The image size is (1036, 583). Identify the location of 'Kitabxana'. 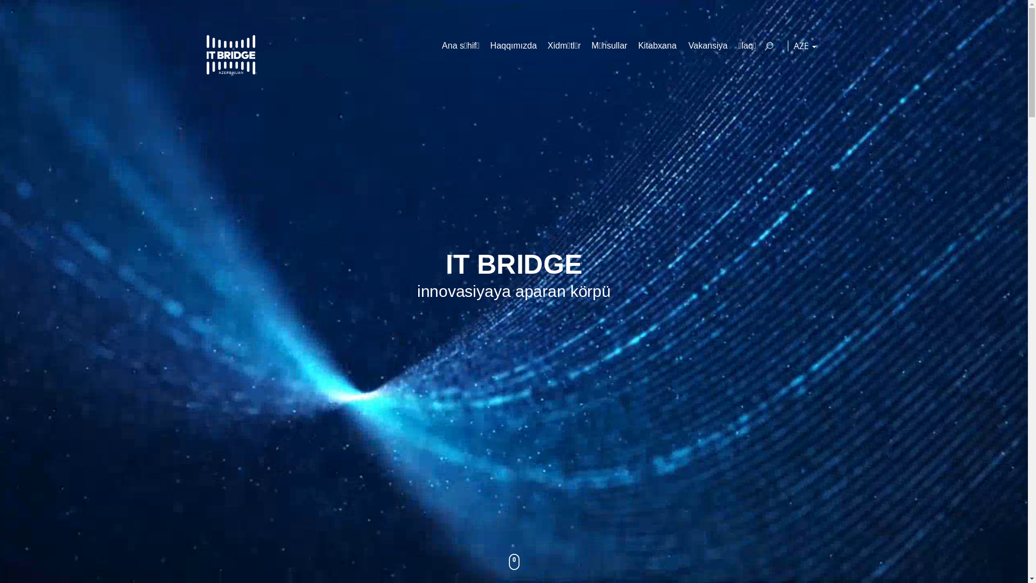
(657, 45).